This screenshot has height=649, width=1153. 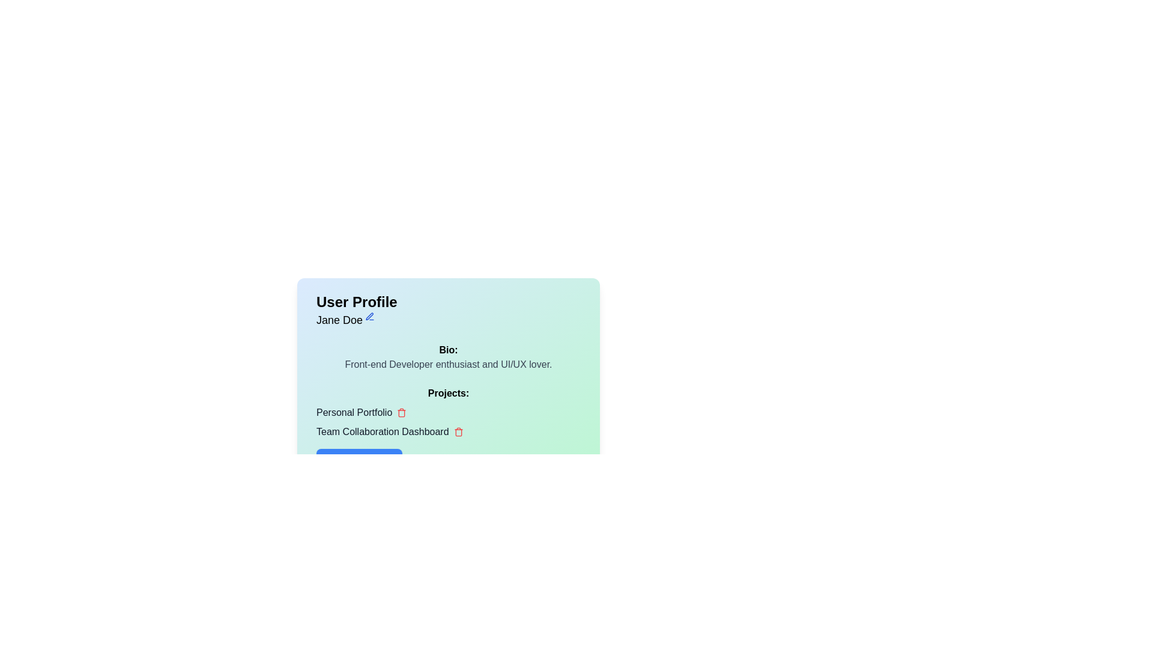 What do you see at coordinates (369, 315) in the screenshot?
I see `the pen-shaped icon indicating an edit or modification action, which is located to the right of the user name 'Jane Doe'` at bounding box center [369, 315].